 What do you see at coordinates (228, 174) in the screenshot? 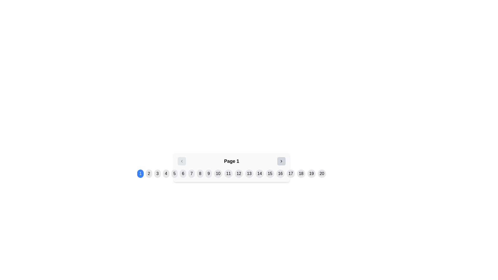
I see `the pagination button labeled '11'` at bounding box center [228, 174].